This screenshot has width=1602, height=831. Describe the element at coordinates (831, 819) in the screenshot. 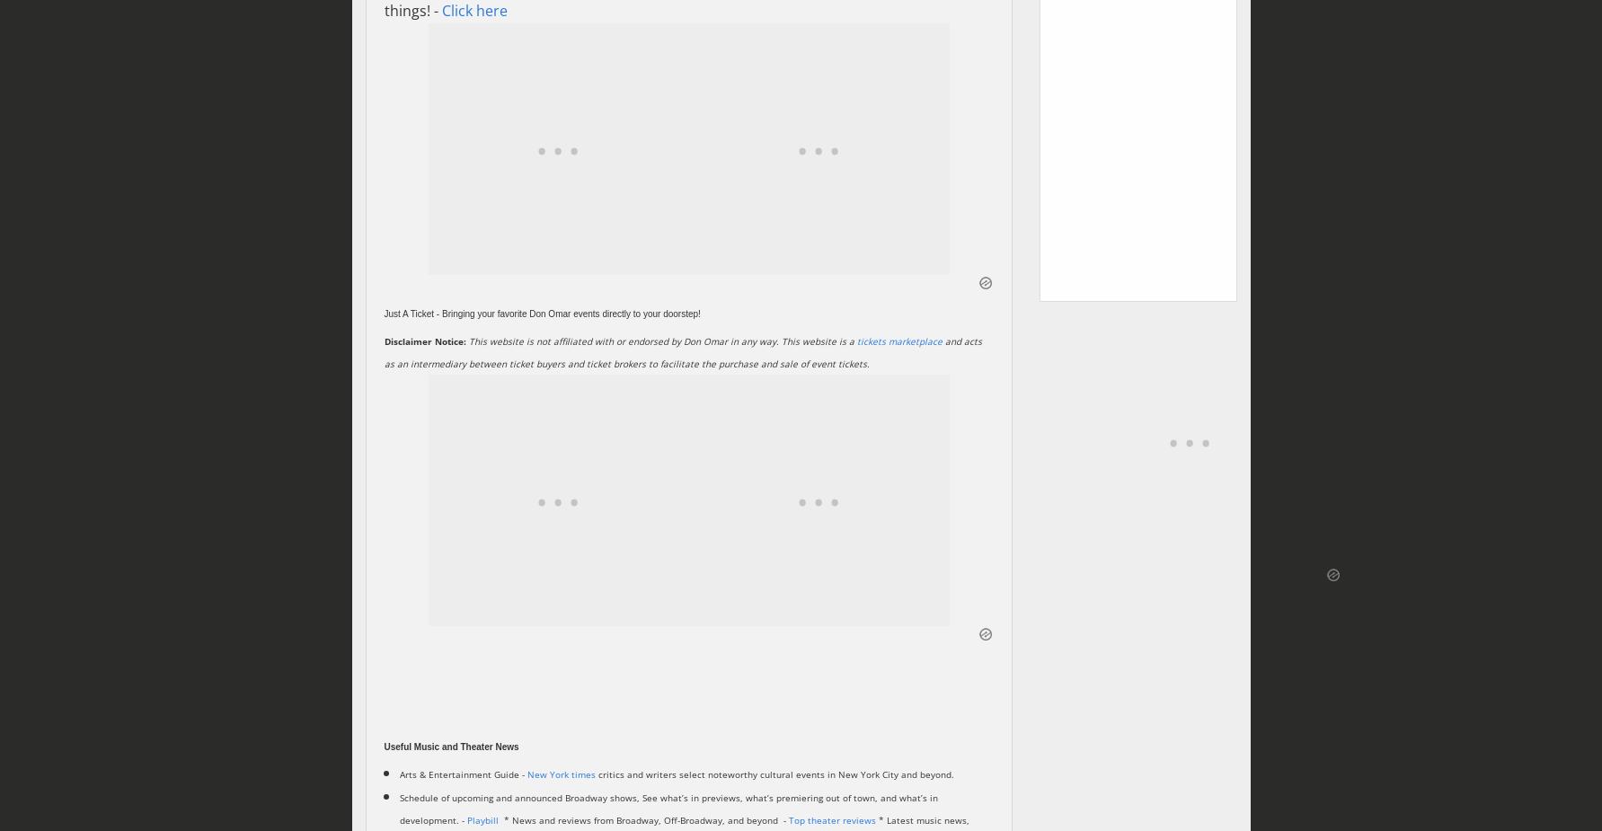

I see `'Top theater reviews'` at that location.